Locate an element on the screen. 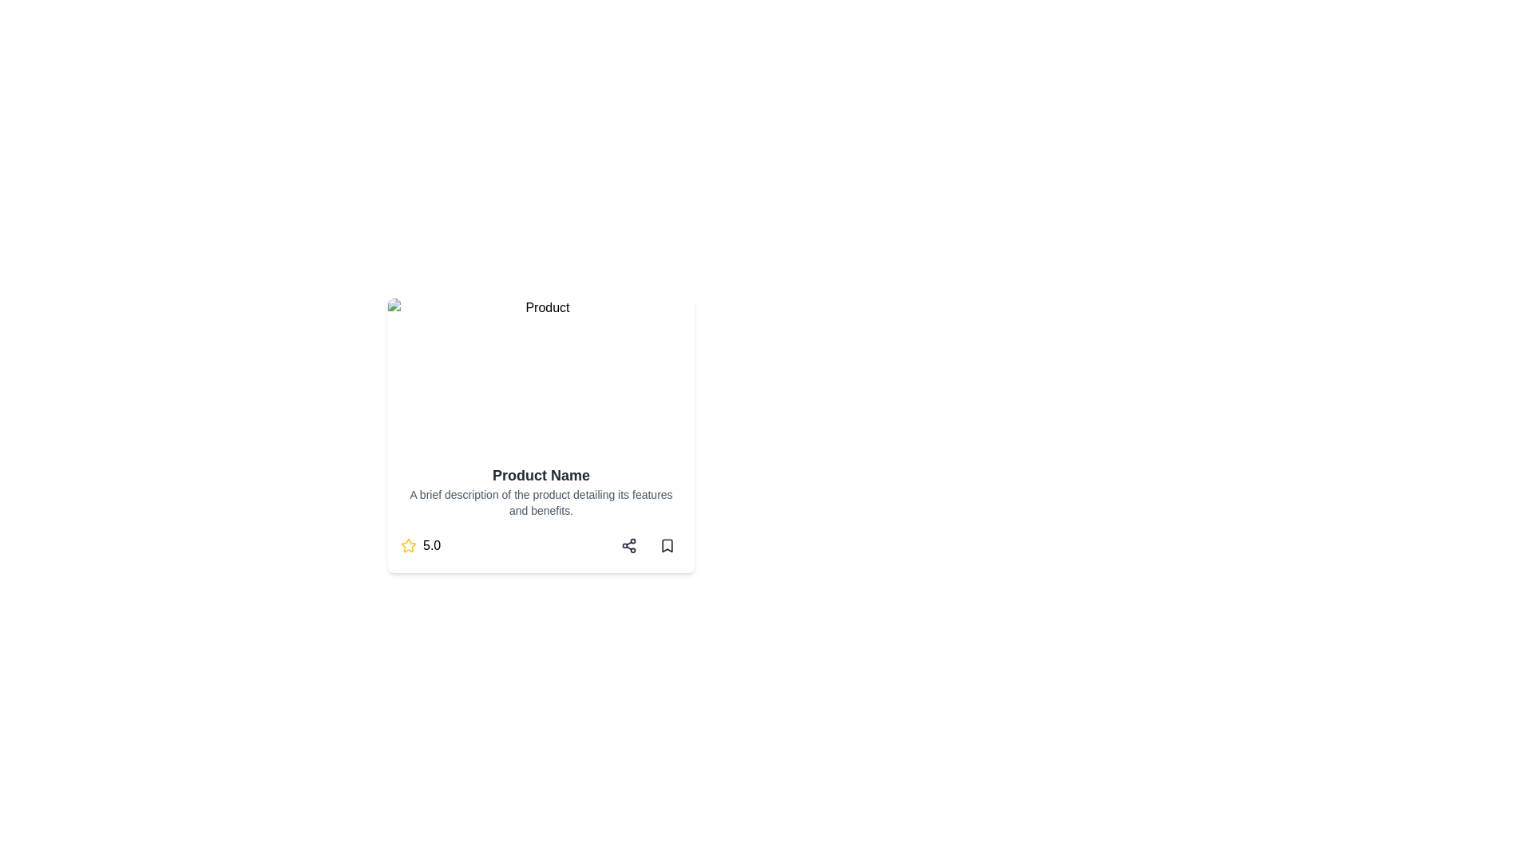 Image resolution: width=1533 pixels, height=862 pixels. the bookmark button located at the bottom-right corner of the card-like interface is located at coordinates (667, 544).